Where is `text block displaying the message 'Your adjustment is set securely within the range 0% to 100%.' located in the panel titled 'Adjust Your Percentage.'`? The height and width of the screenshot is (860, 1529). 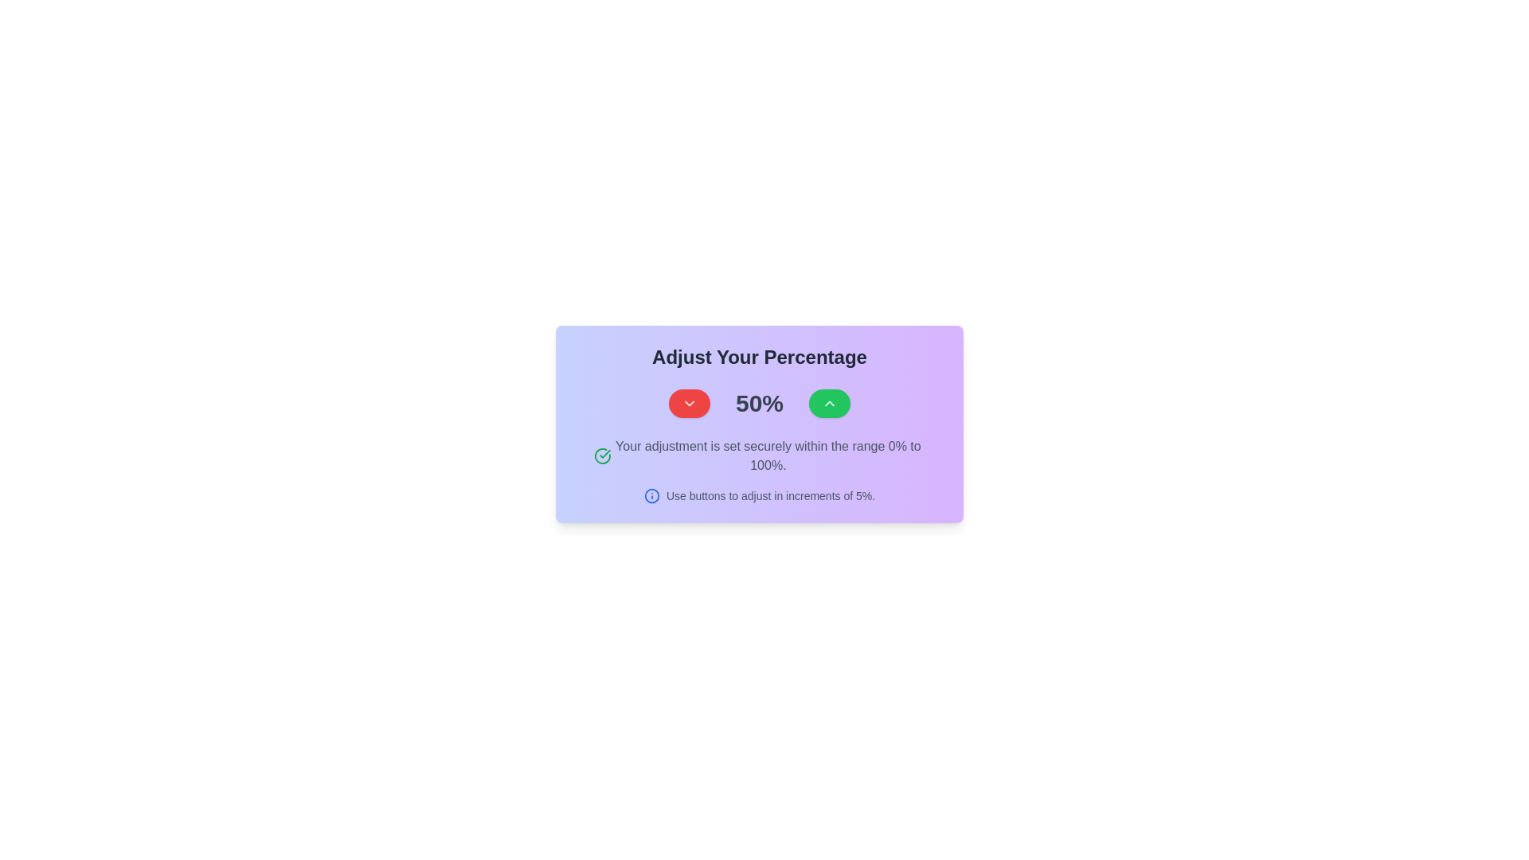 text block displaying the message 'Your adjustment is set securely within the range 0% to 100%.' located in the panel titled 'Adjust Your Percentage.' is located at coordinates (759, 456).